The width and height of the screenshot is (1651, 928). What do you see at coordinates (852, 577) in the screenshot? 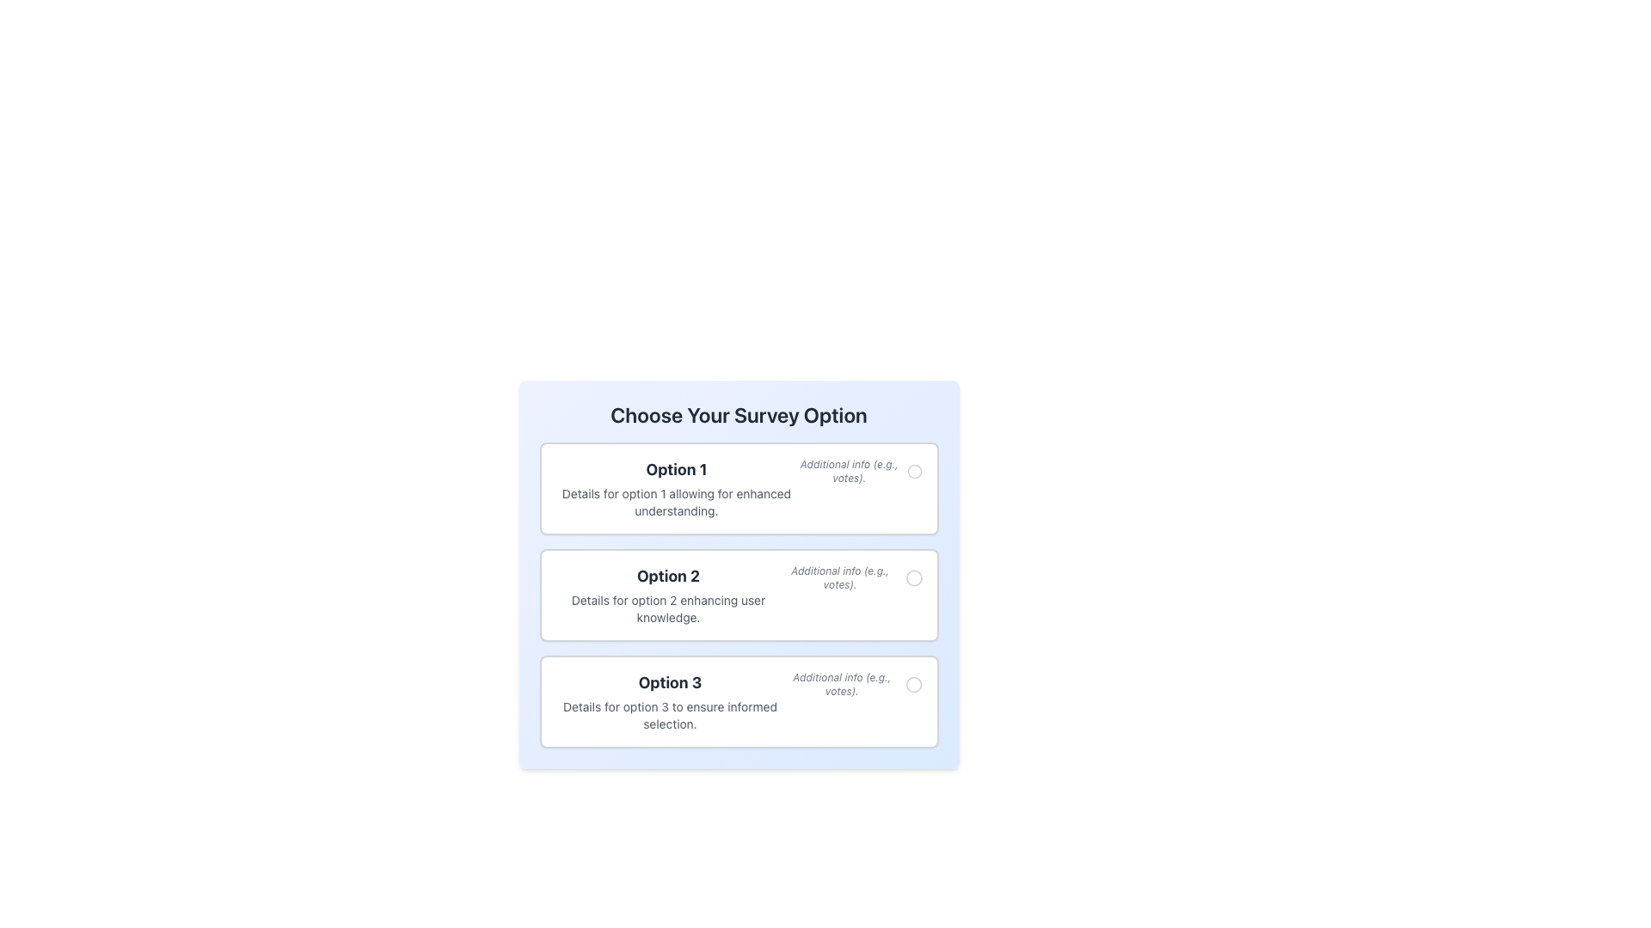
I see `the option selector icon located next` at bounding box center [852, 577].